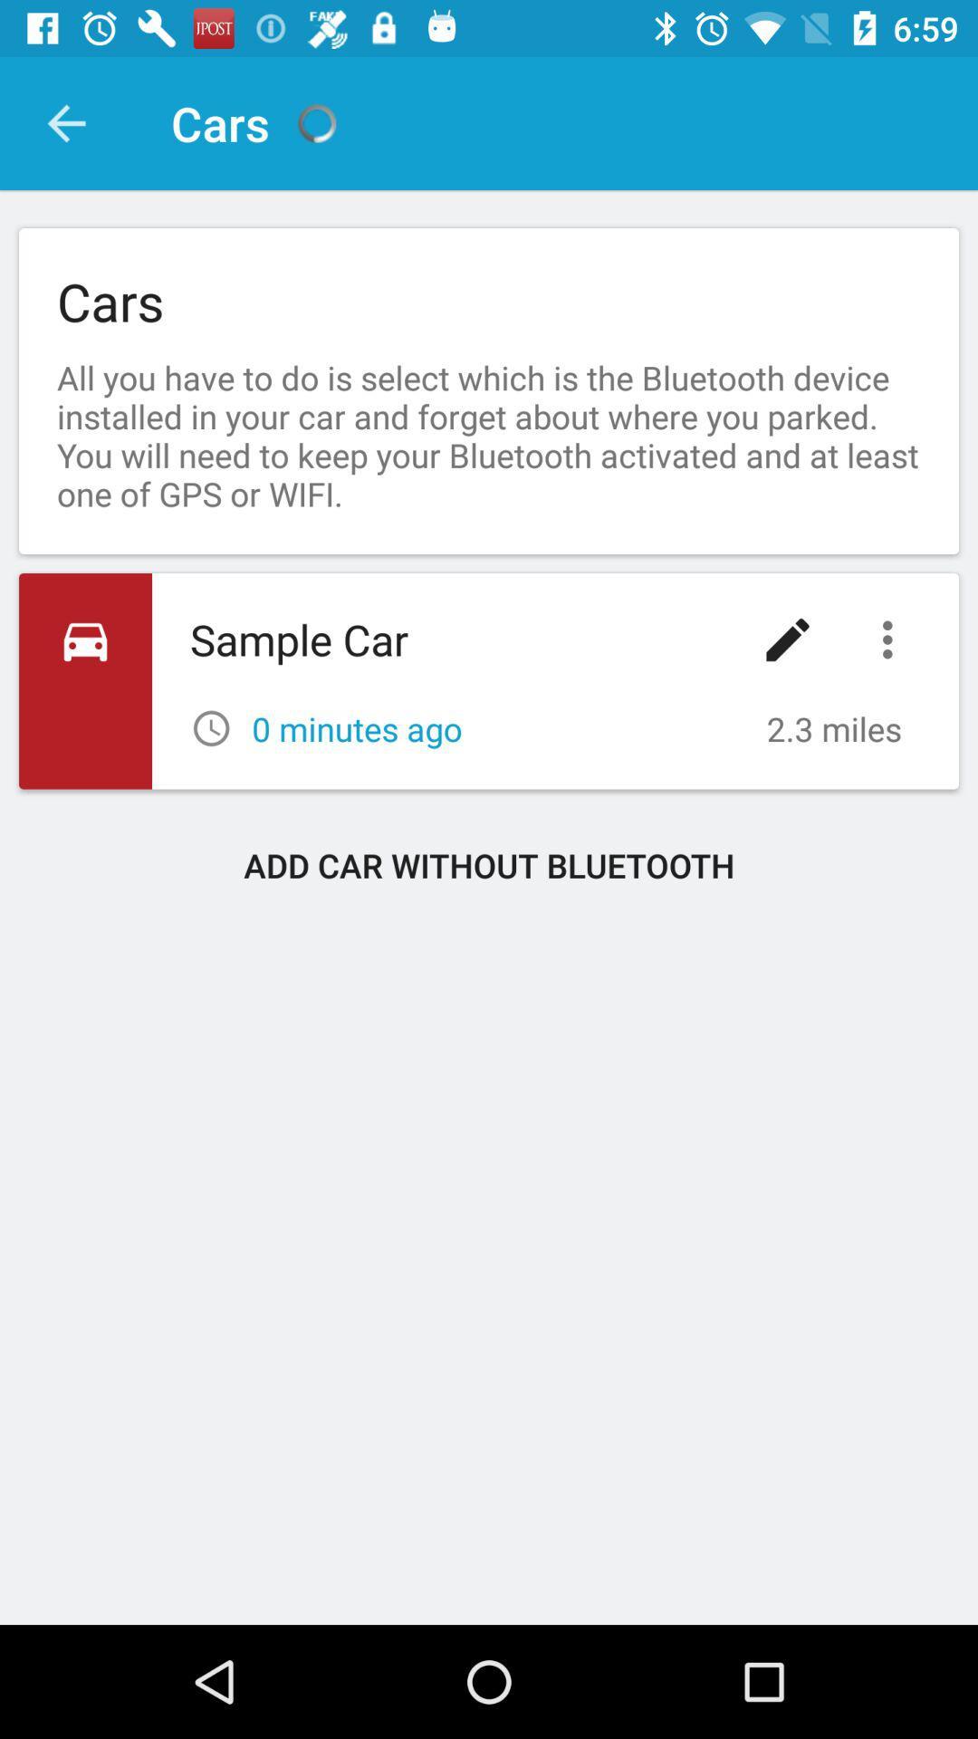 The image size is (978, 1739). Describe the element at coordinates (85, 680) in the screenshot. I see `the icon left of the text sample car` at that location.